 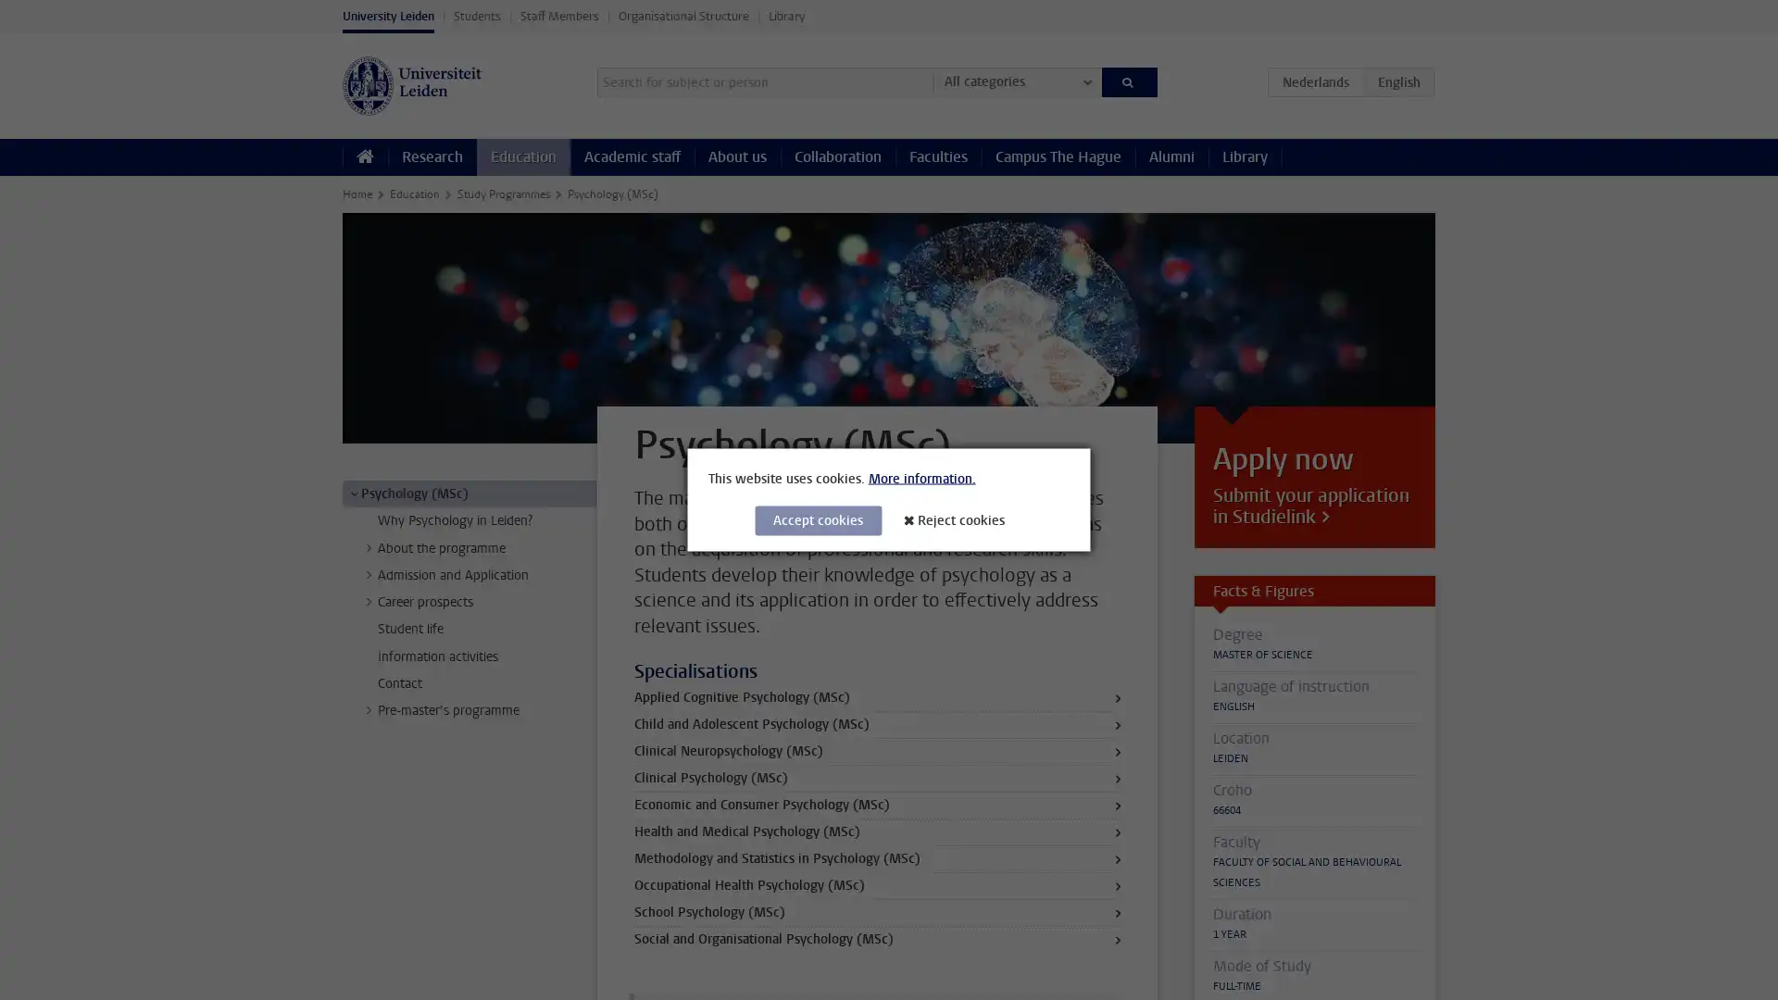 I want to click on >, so click(x=369, y=545).